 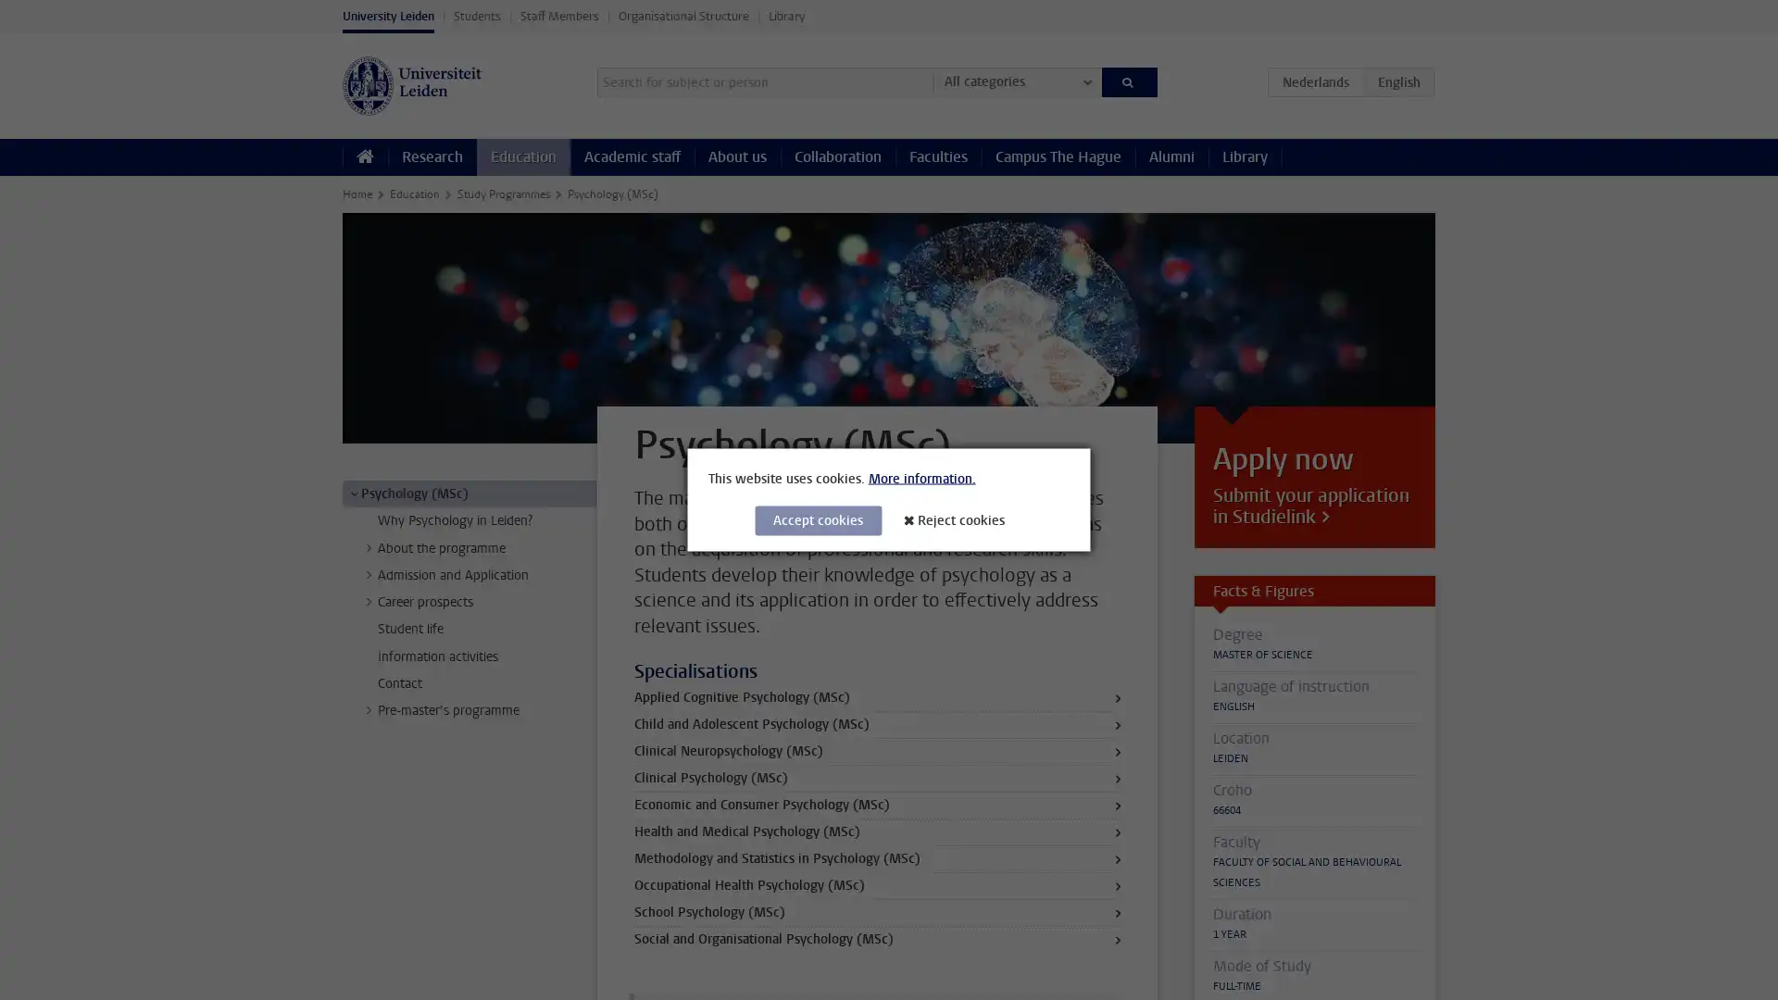 I want to click on >, so click(x=369, y=545).